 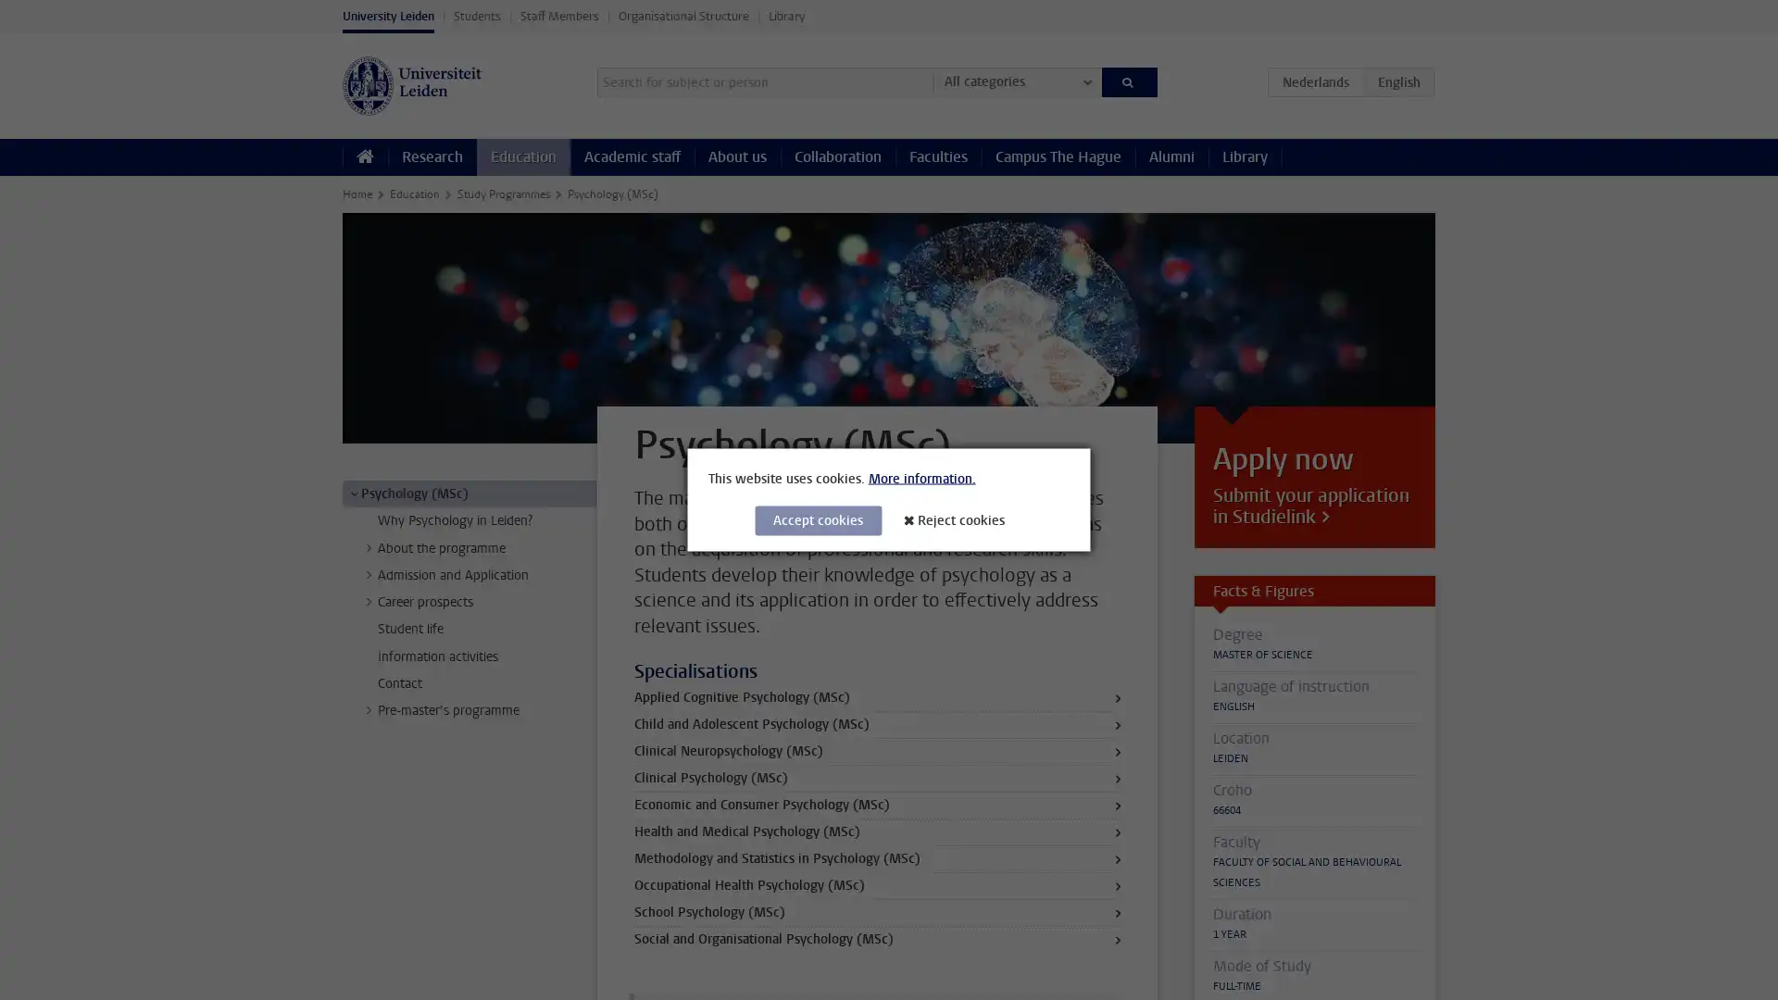 I want to click on >, so click(x=369, y=545).